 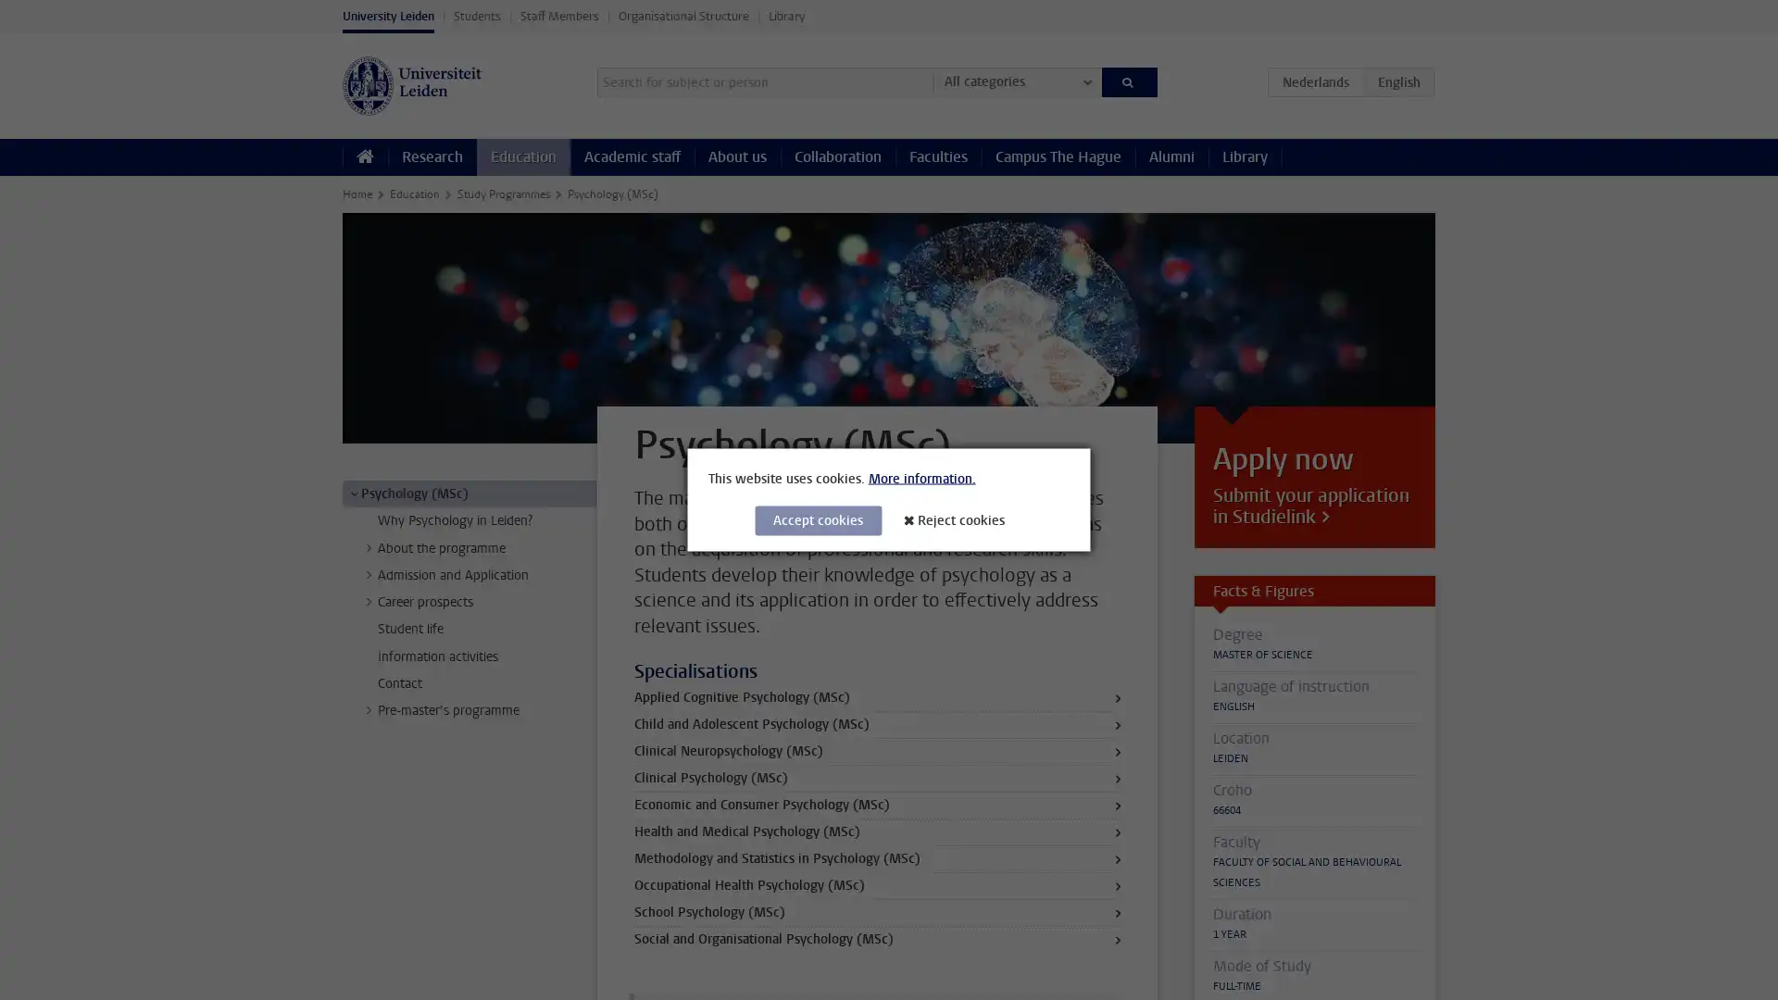 I want to click on >, so click(x=369, y=545).